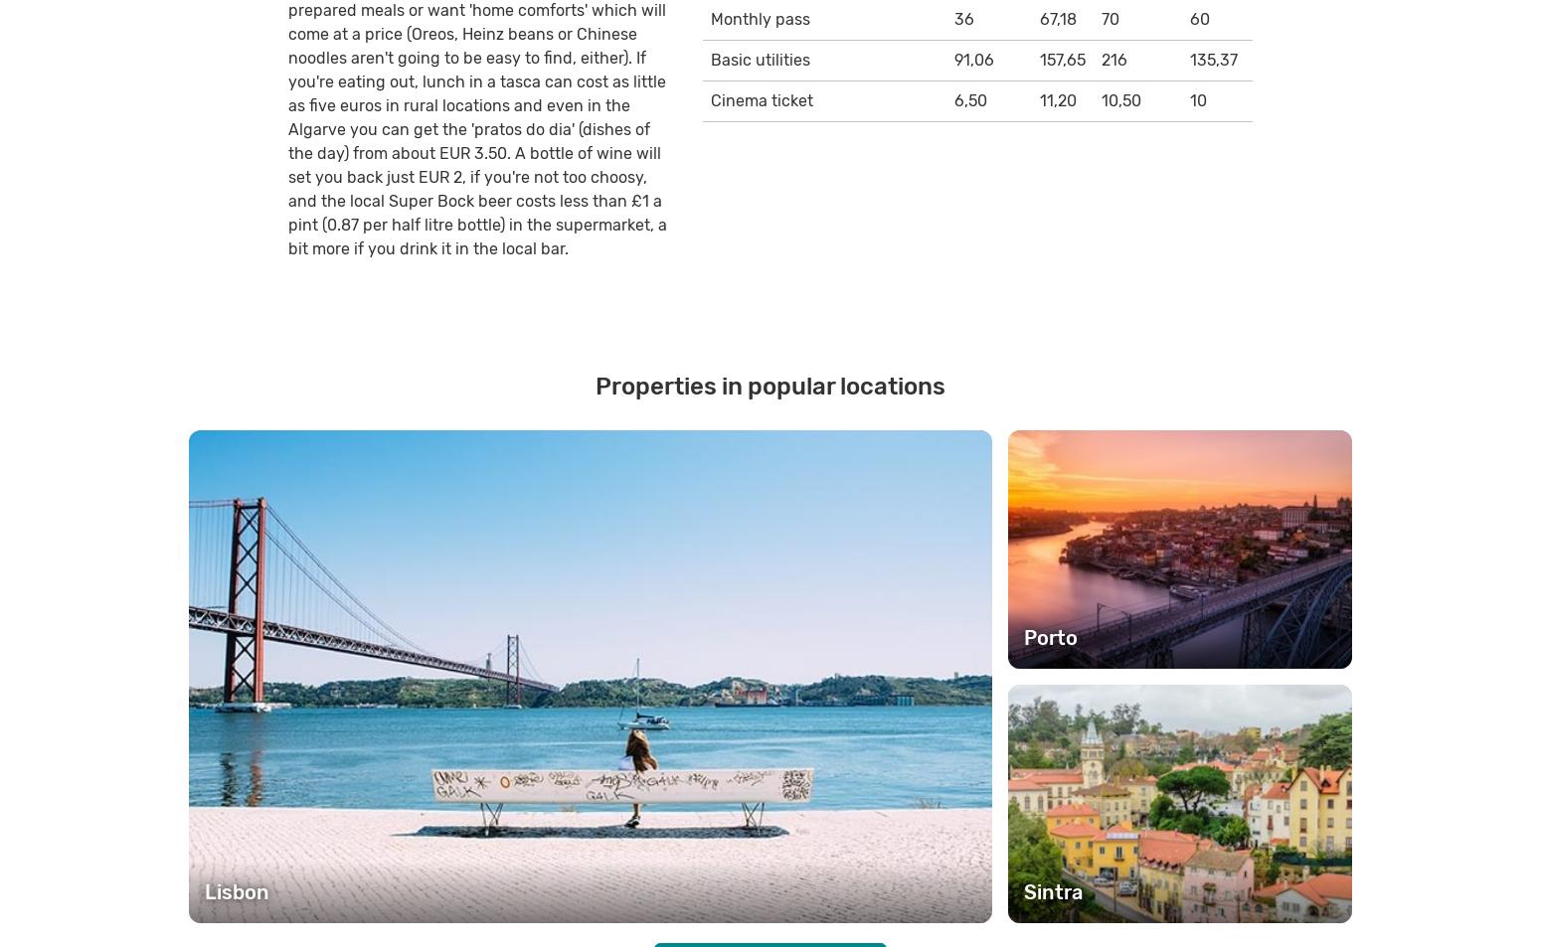  I want to click on '135,37', so click(1213, 58).